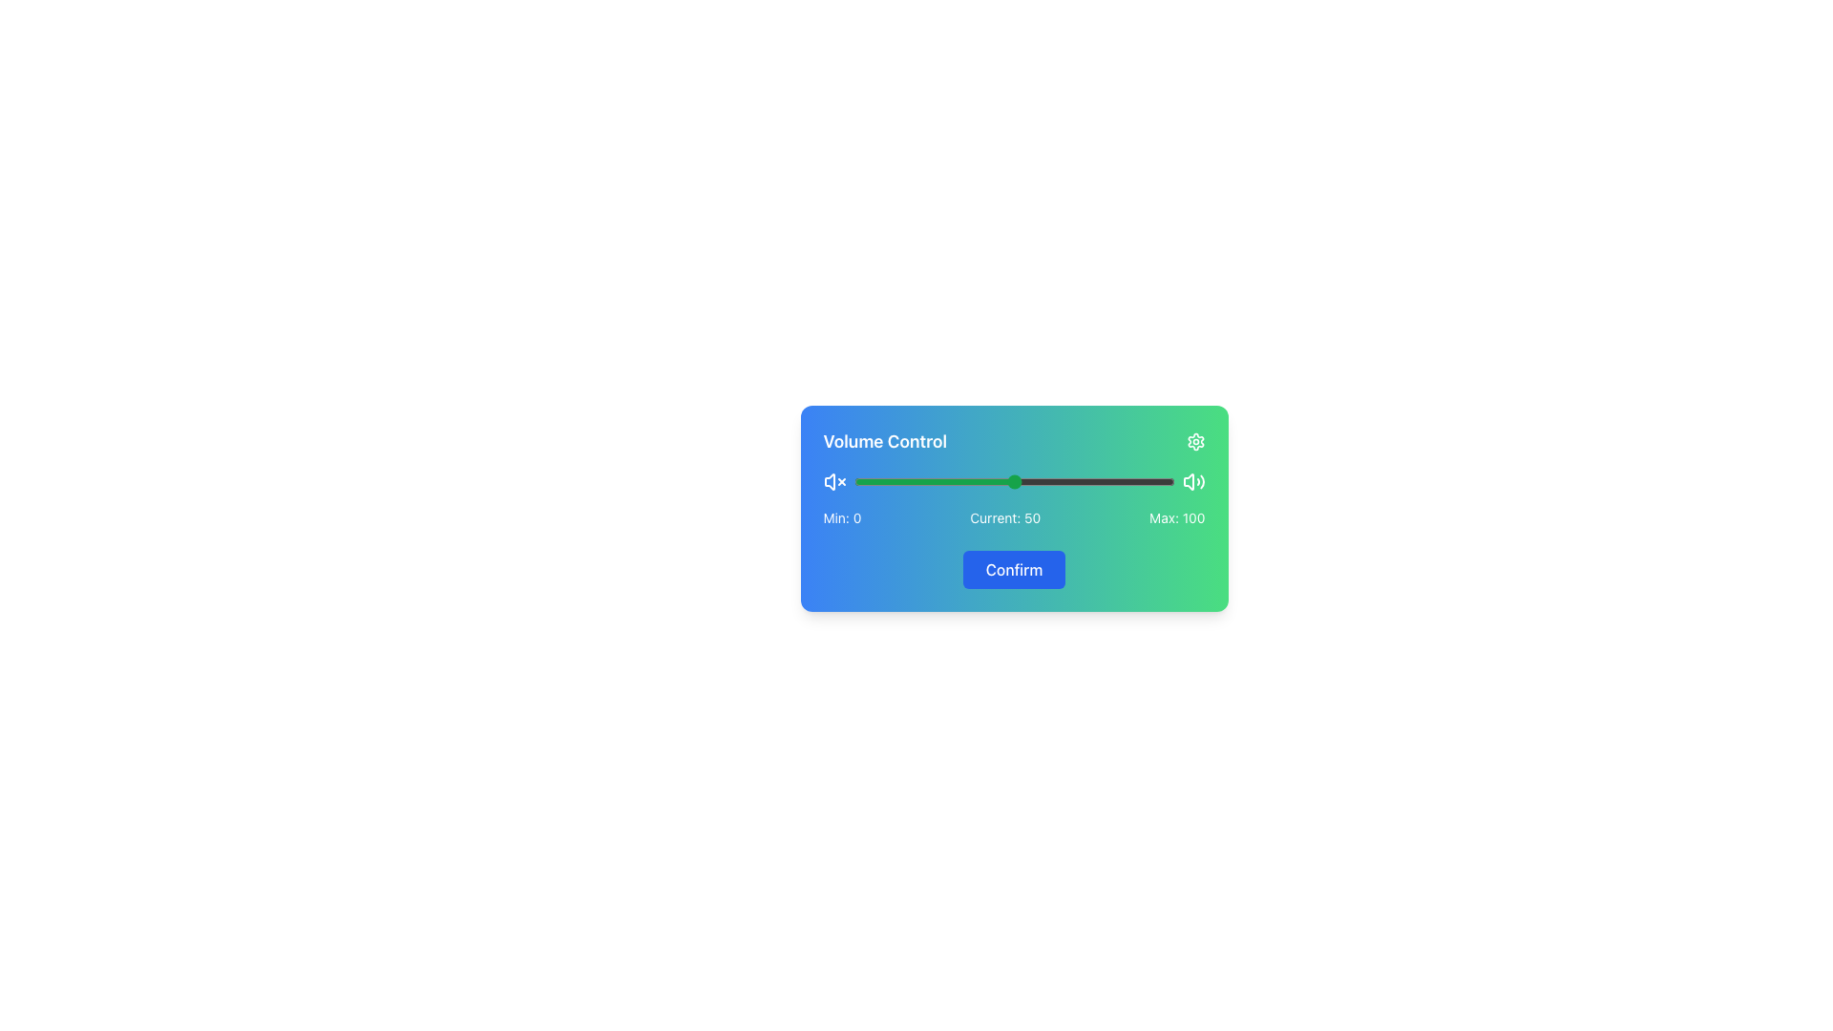 The width and height of the screenshot is (1833, 1031). What do you see at coordinates (1013, 558) in the screenshot?
I see `the 'Confirm' button located at the bottom section of the gradient card interface` at bounding box center [1013, 558].